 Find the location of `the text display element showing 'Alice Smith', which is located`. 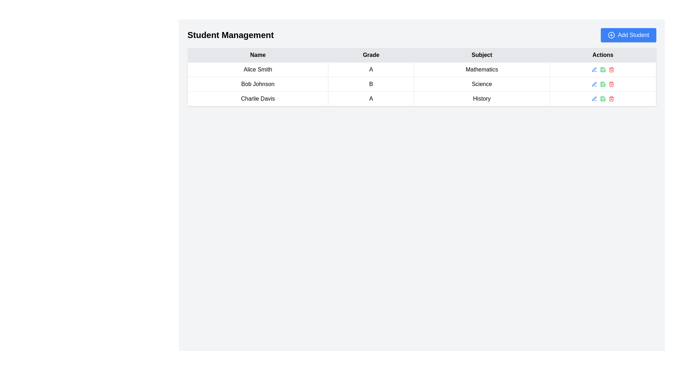

the text display element showing 'Alice Smith', which is located is located at coordinates (257, 70).